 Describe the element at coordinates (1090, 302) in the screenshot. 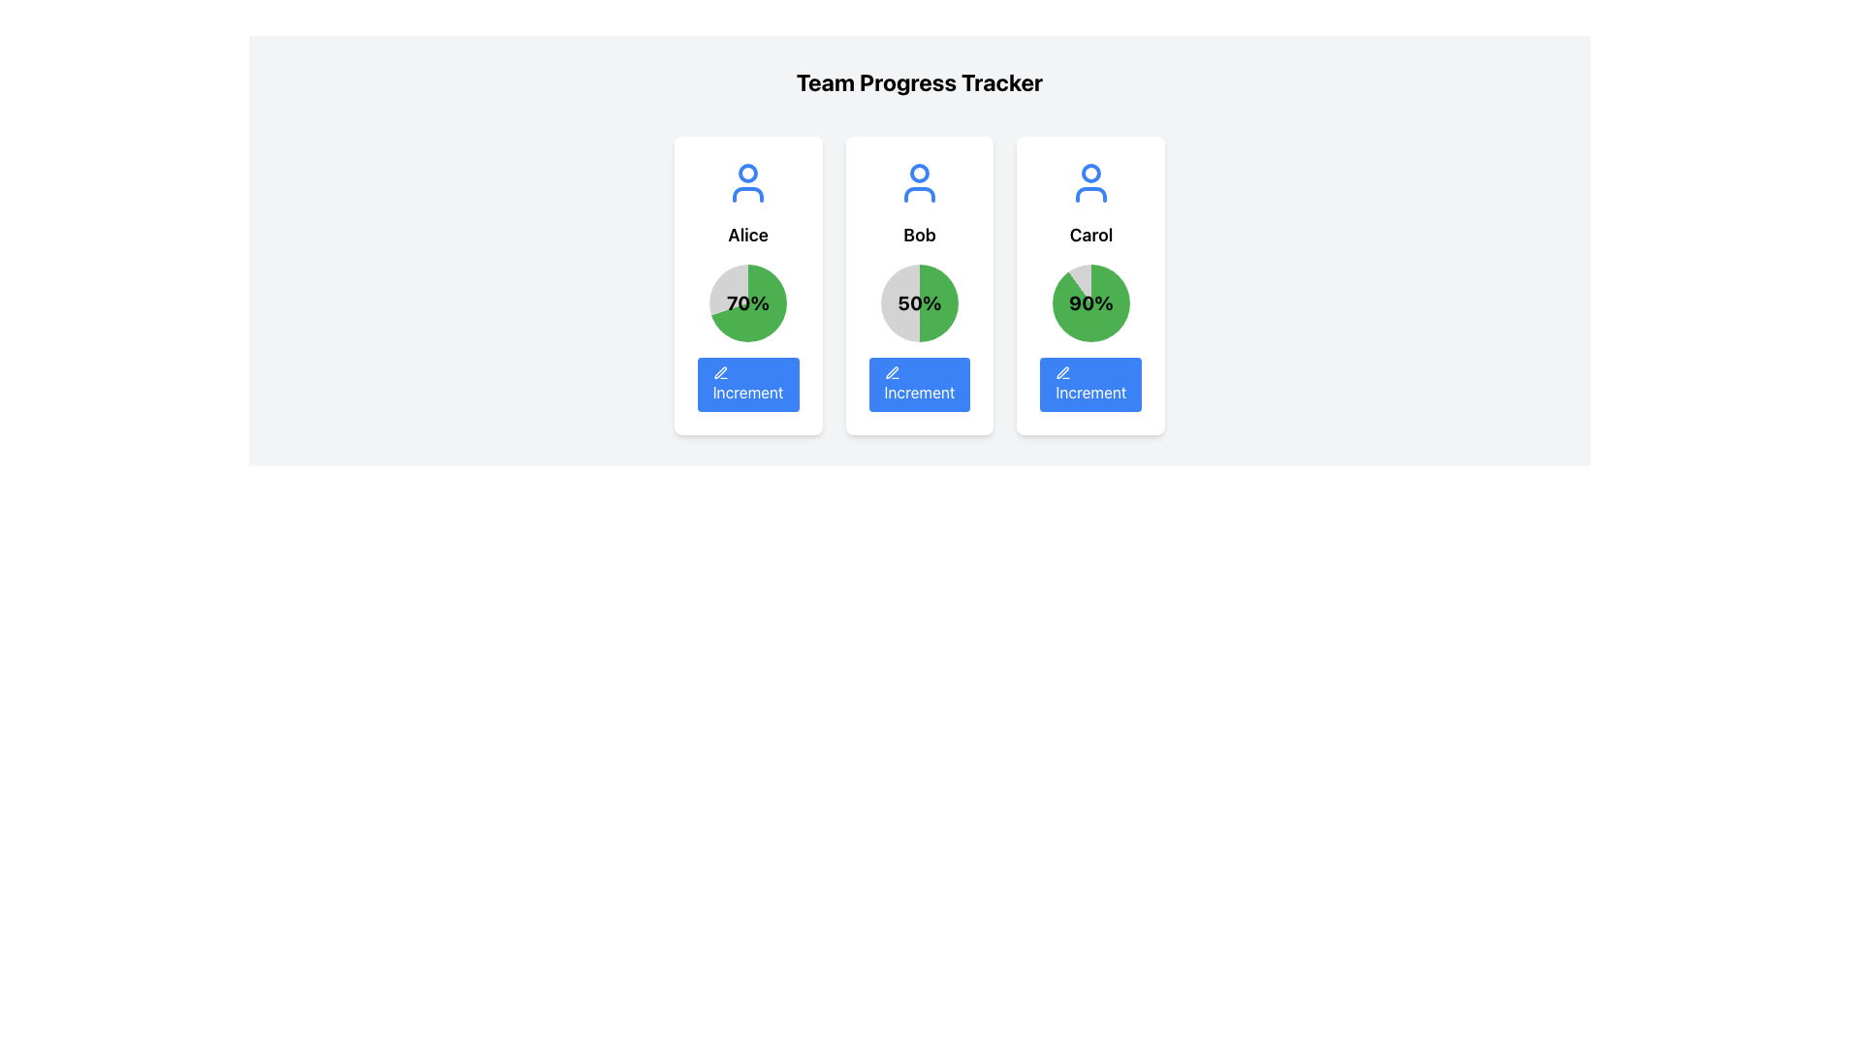

I see `percentage displayed on the Progress Indicator located within the card labeled 'Carol', which is the third card from the left` at that location.